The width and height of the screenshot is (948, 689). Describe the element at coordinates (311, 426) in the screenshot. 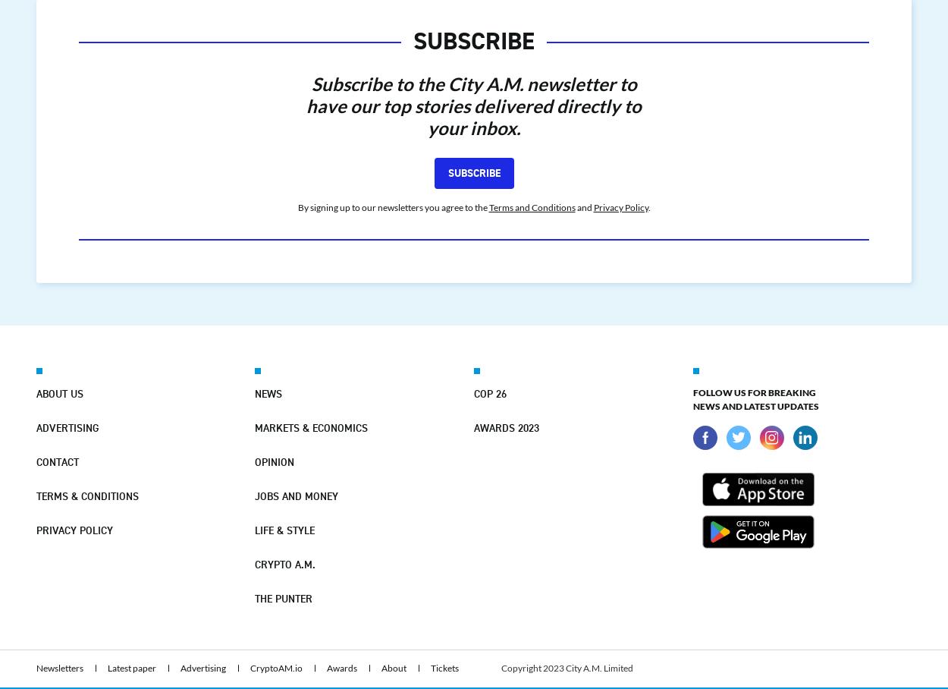

I see `'Markets & Economics'` at that location.